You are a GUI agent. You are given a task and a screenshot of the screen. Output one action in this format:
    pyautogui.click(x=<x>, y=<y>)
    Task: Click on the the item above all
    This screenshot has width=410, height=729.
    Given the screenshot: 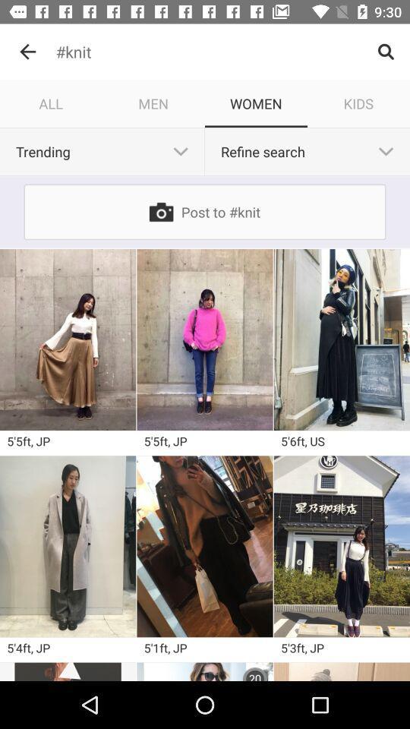 What is the action you would take?
    pyautogui.click(x=27, y=52)
    